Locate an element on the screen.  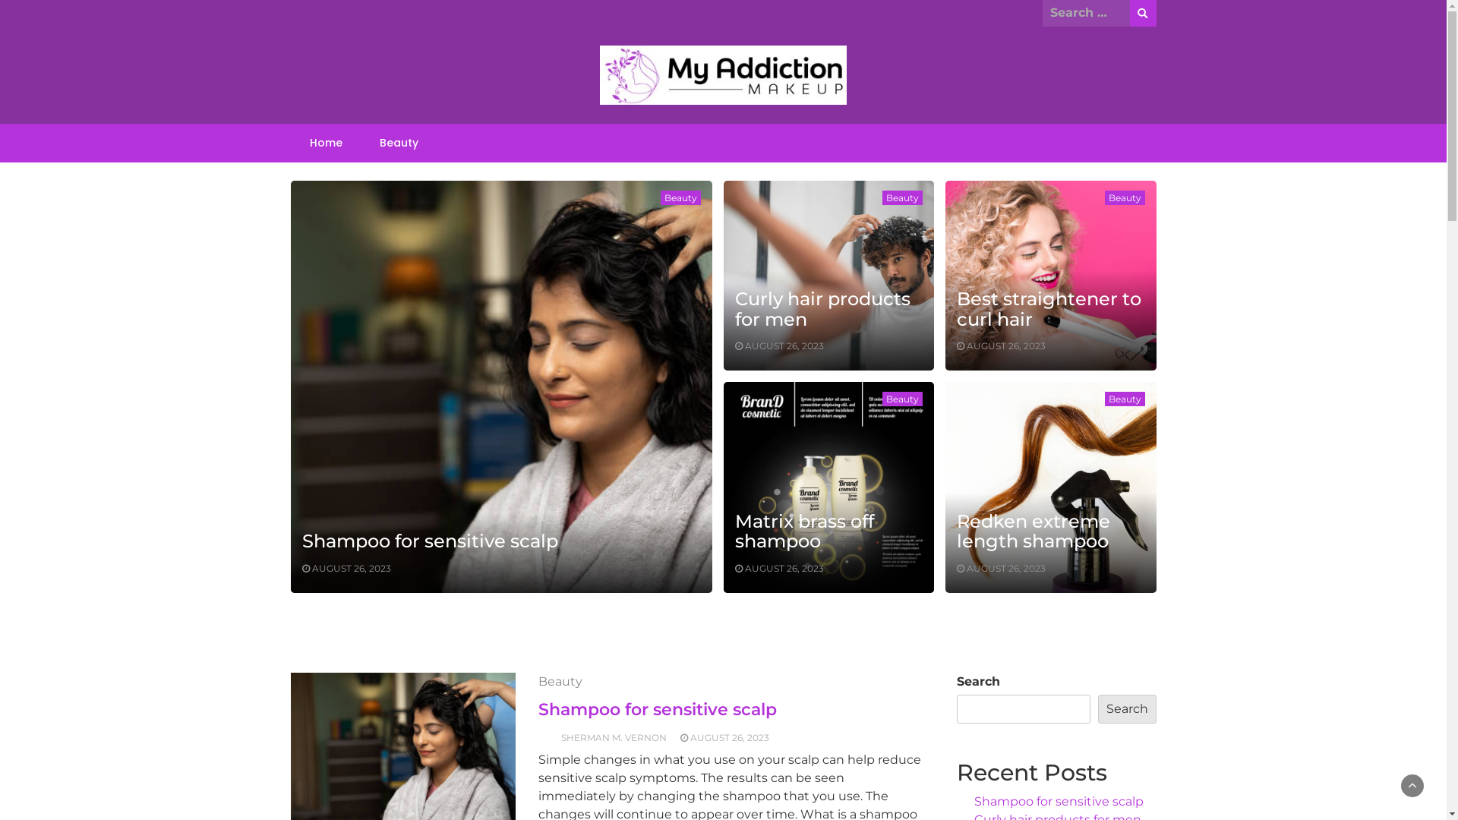
'Home' is located at coordinates (325, 143).